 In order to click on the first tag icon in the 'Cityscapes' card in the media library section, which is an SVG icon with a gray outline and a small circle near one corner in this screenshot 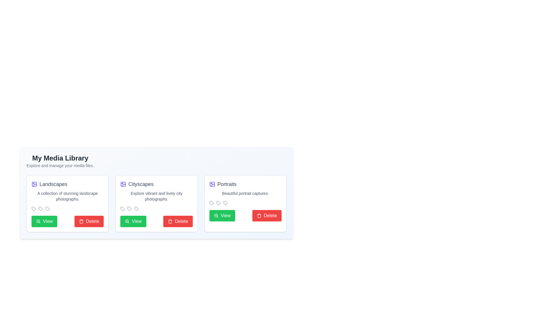, I will do `click(122, 209)`.